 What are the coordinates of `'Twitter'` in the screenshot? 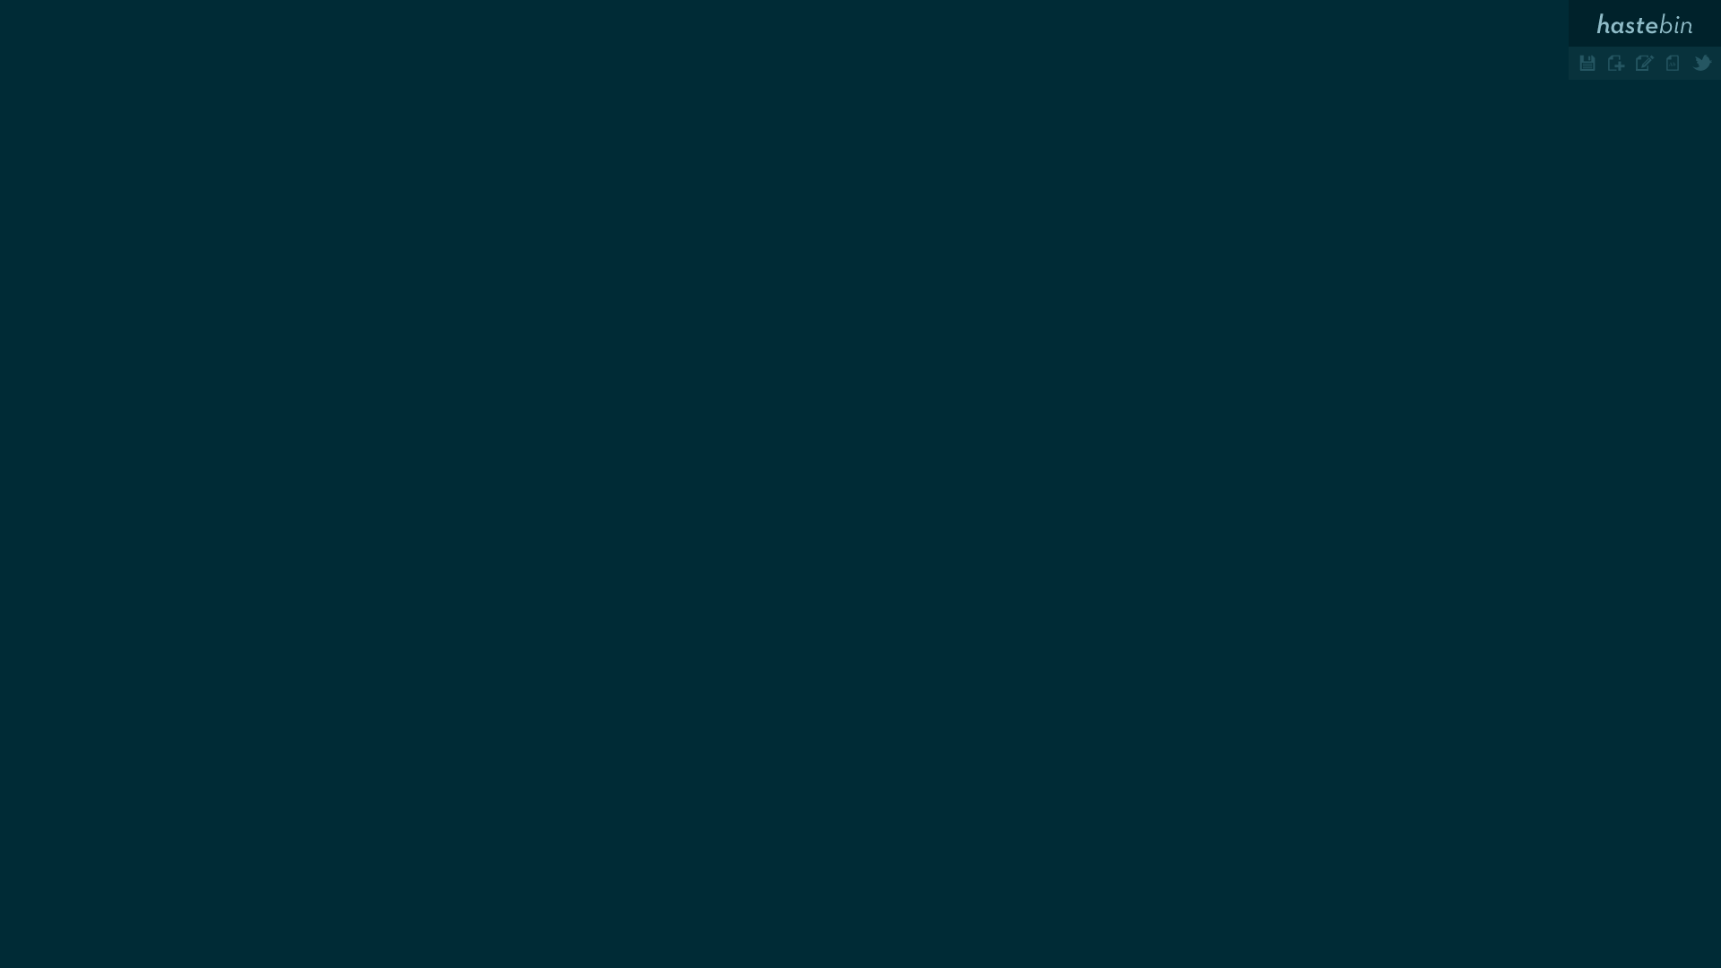 It's located at (1686, 62).